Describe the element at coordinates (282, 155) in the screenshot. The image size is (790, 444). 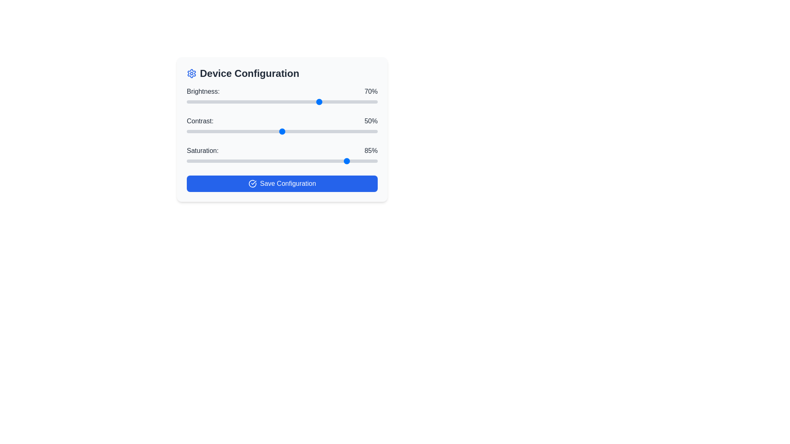
I see `the range slider labeled 'Saturation:' which shows the value '85%' and is the third slider in the 'Device Configuration' card` at that location.